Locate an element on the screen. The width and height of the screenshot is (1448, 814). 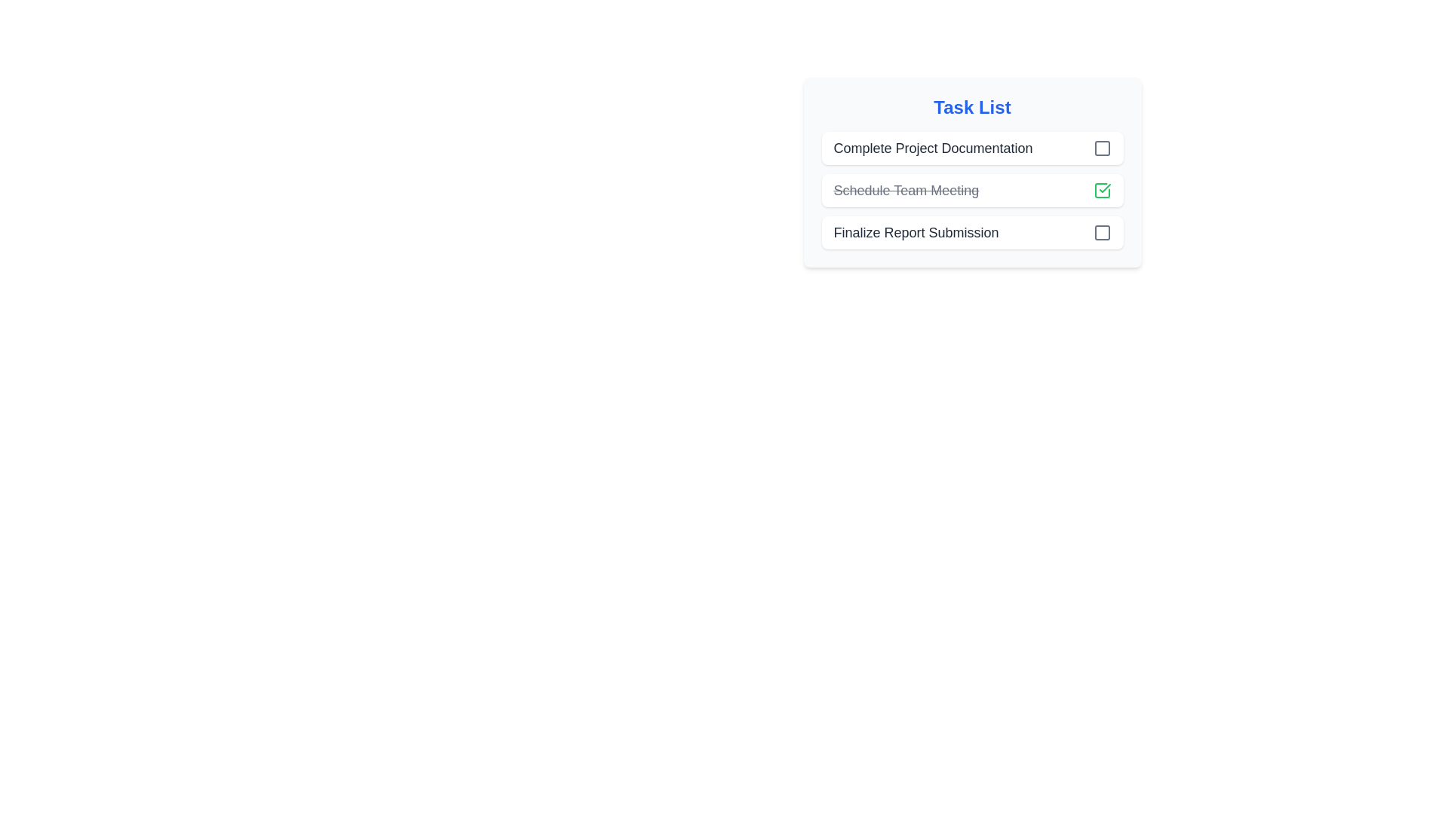
the completed task item labeled 'Schedule Team Meeting', which is the second item in the task list, featuring a strikethrough text and a green checkmark icon is located at coordinates (972, 190).